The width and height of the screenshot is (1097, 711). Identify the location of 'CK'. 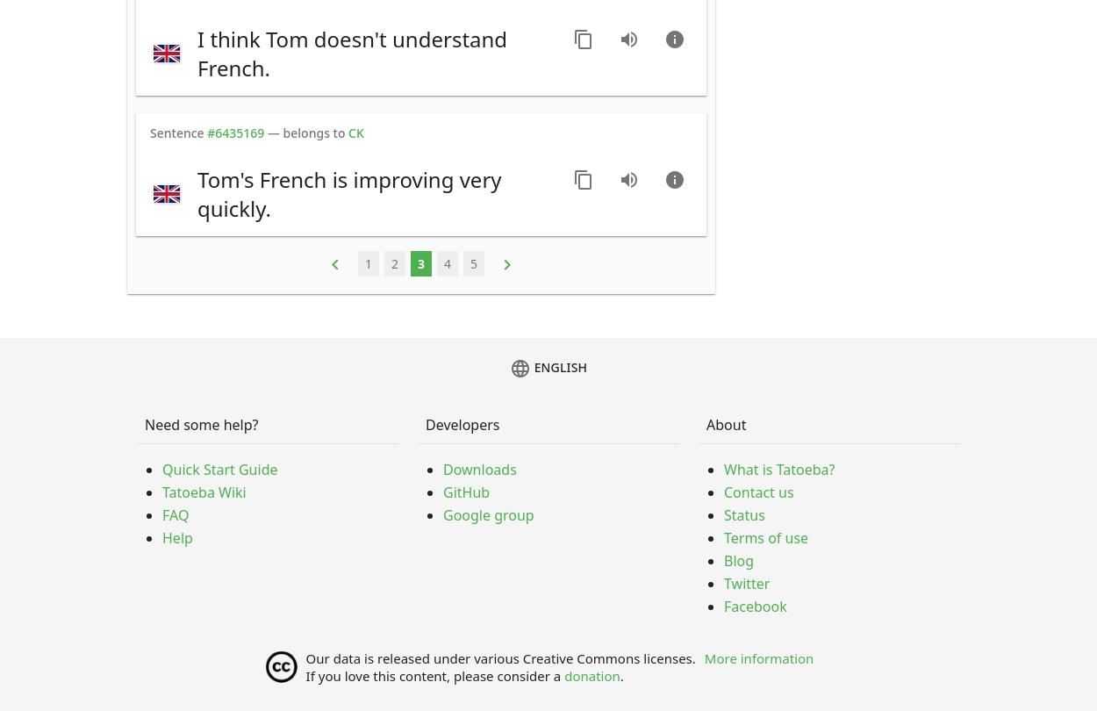
(355, 133).